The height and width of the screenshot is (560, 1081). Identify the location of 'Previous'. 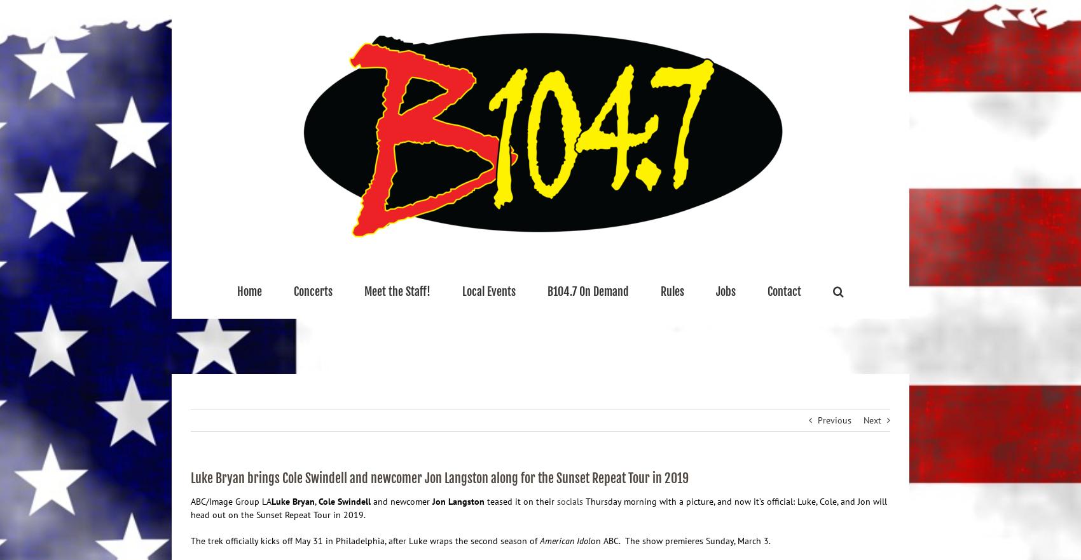
(834, 420).